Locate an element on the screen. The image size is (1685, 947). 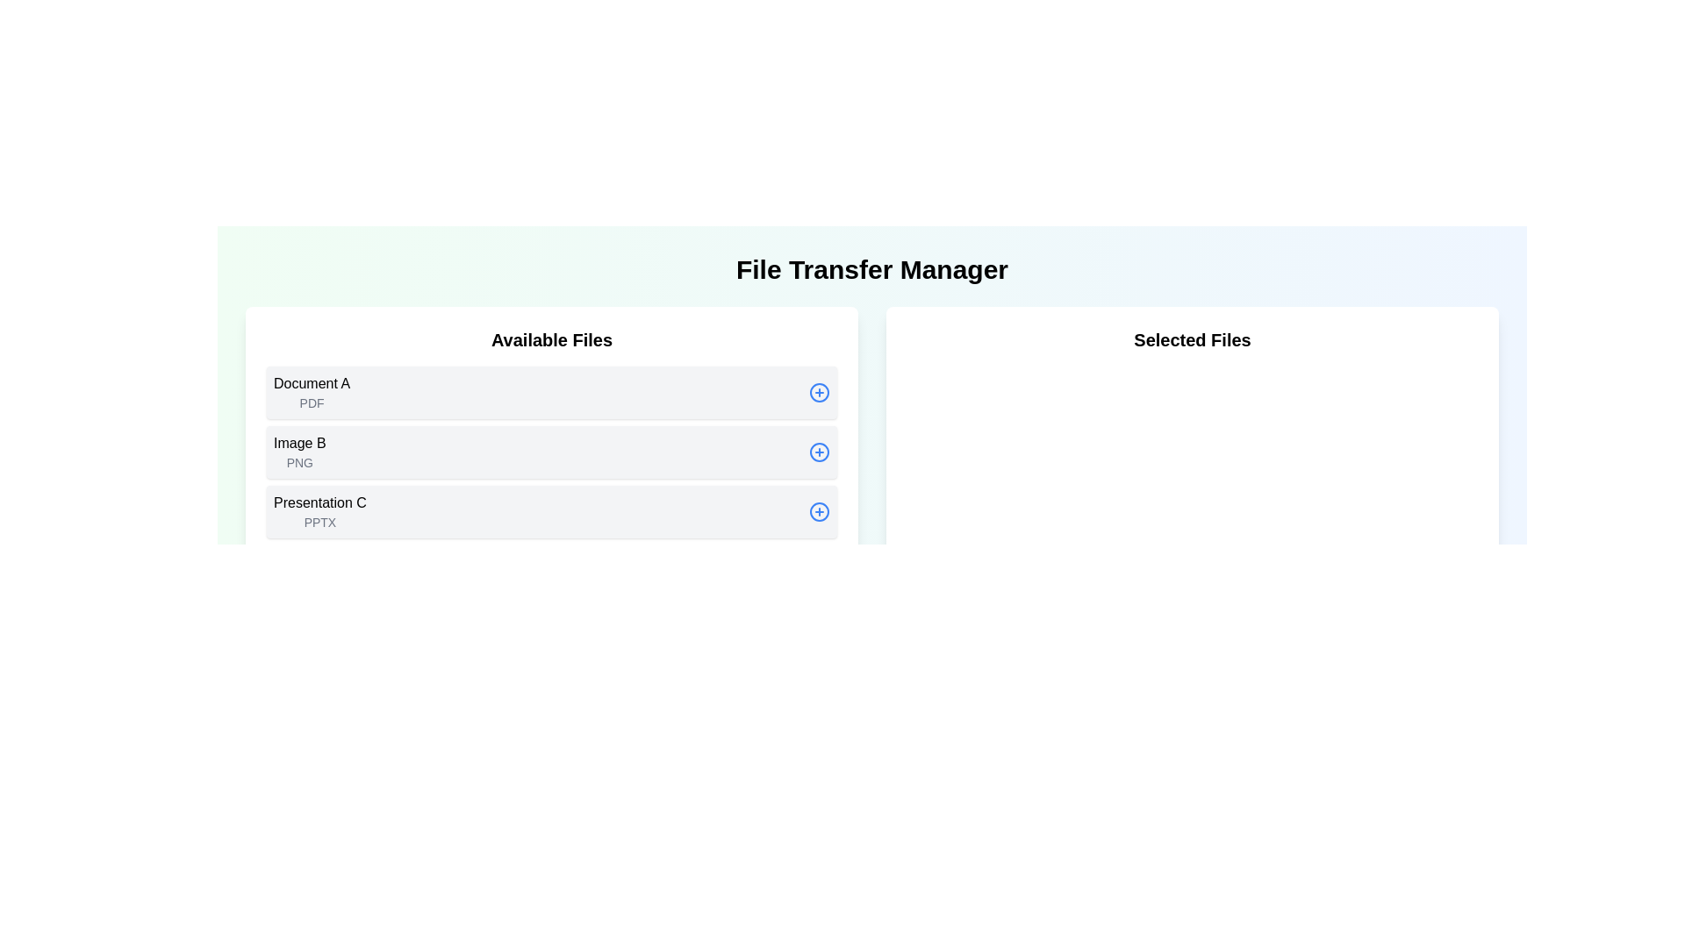
the graphical icon component (a circle within an add button) located to the right of the 'Image B PNG' list item in the 'Available Files' section is located at coordinates (819, 391).